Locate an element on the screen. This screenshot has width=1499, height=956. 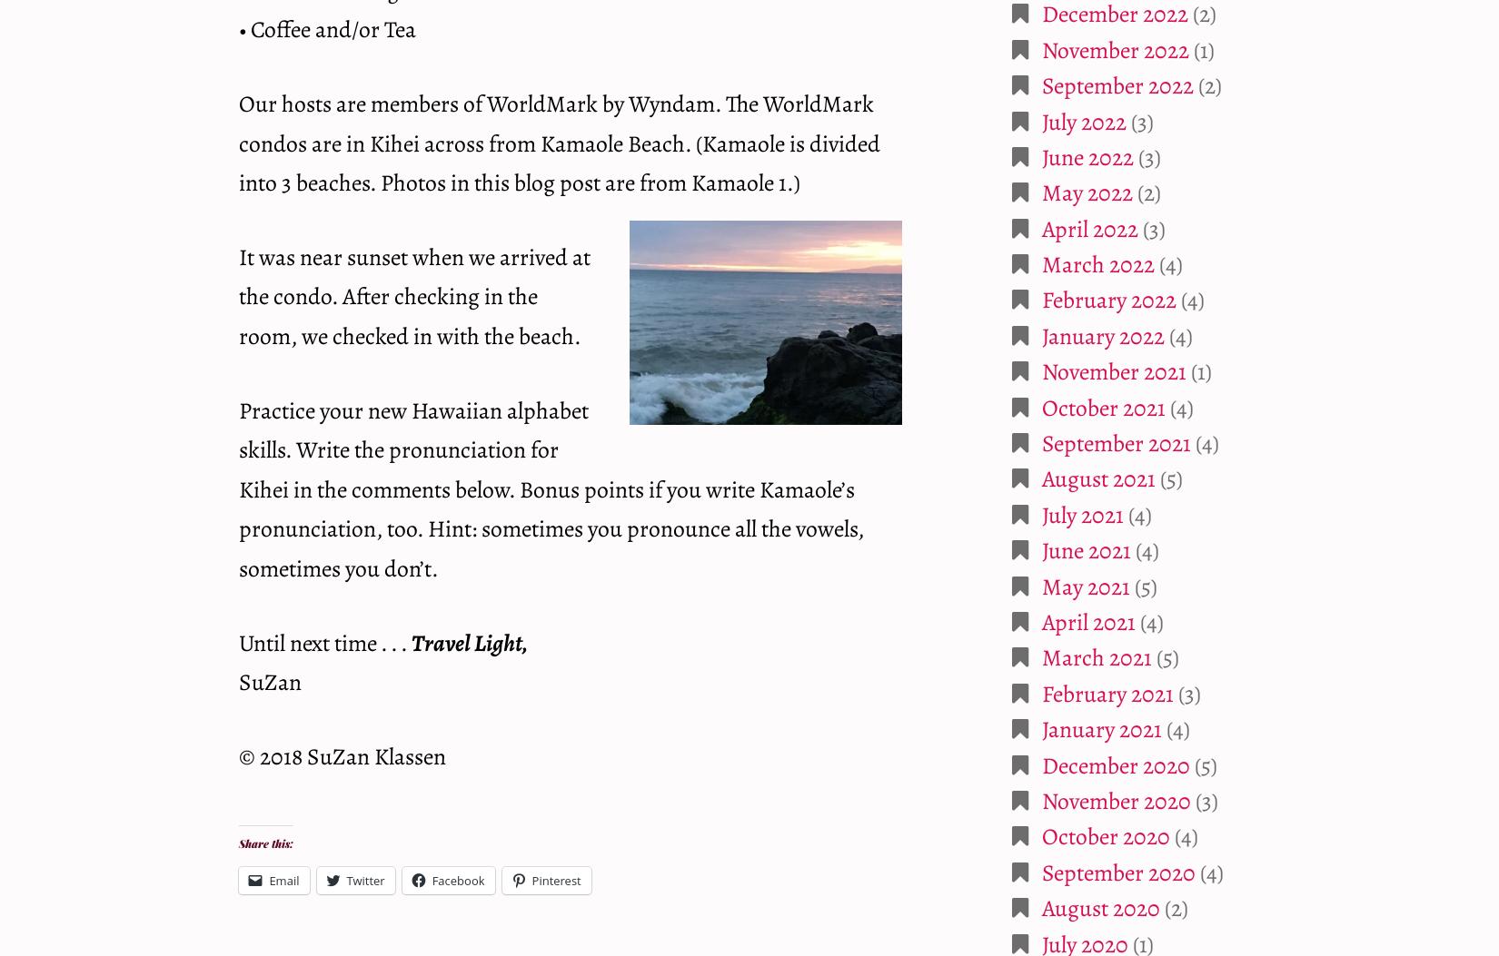
'August 2020' is located at coordinates (1042, 908).